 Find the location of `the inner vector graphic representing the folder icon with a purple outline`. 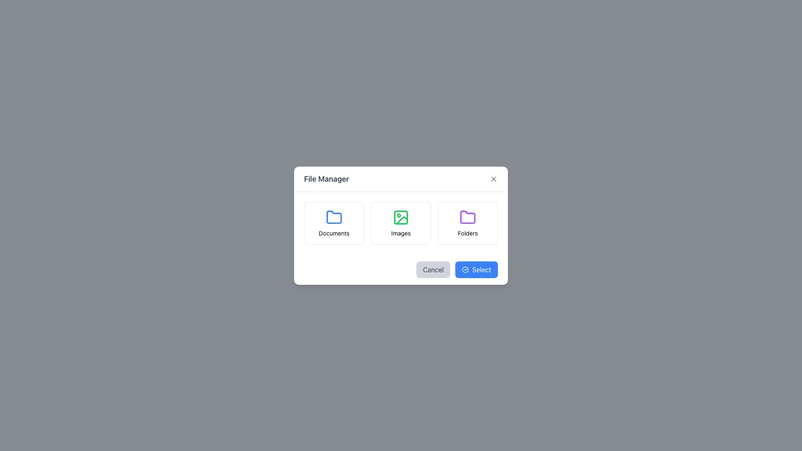

the inner vector graphic representing the folder icon with a purple outline is located at coordinates (467, 216).